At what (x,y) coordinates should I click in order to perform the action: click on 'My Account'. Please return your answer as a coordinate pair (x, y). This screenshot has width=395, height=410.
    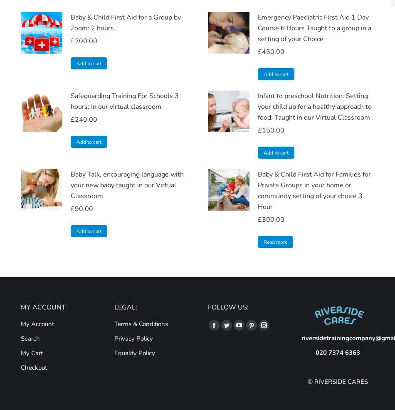
    Looking at the image, I should click on (37, 324).